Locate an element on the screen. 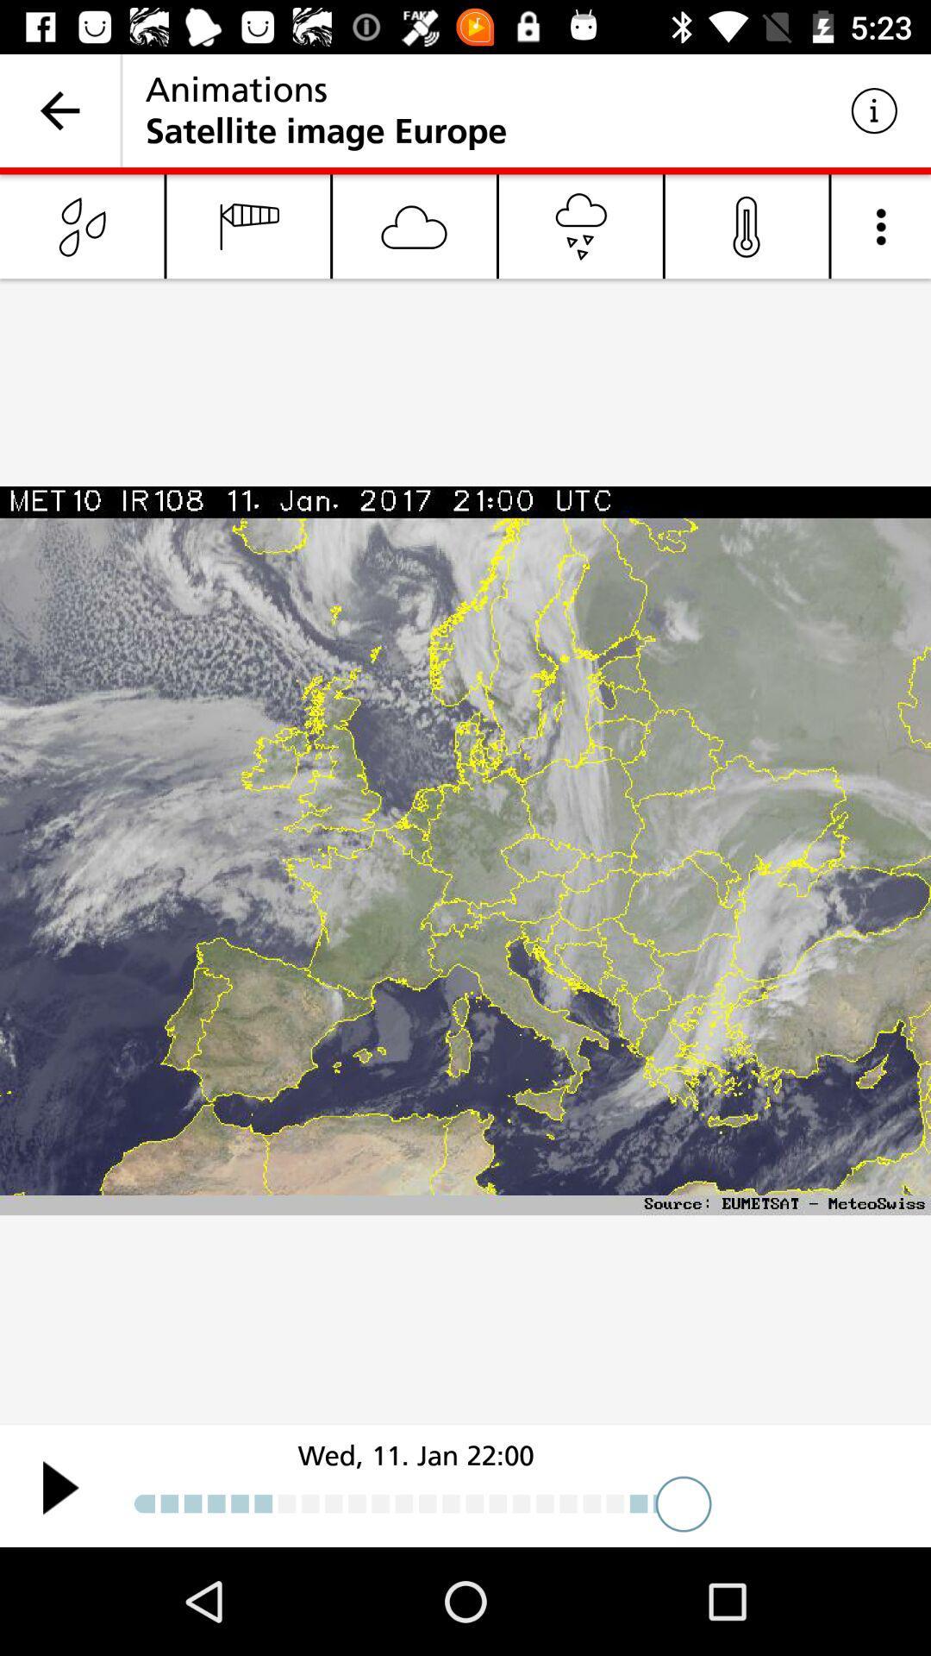  weather pattern is located at coordinates (59, 1486).